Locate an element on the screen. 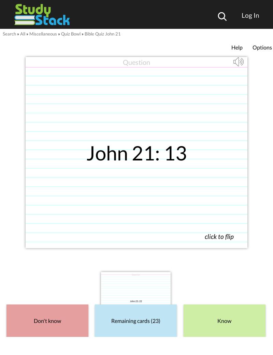  'Miscellaneous' is located at coordinates (43, 33).